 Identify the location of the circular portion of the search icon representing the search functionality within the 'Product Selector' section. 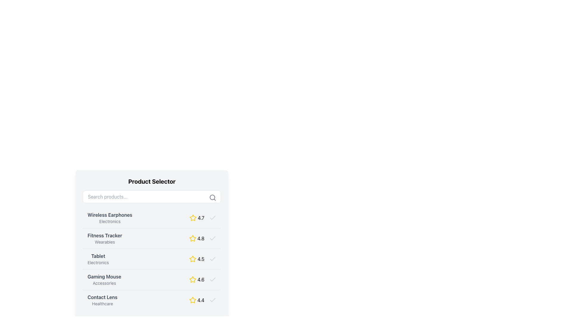
(212, 197).